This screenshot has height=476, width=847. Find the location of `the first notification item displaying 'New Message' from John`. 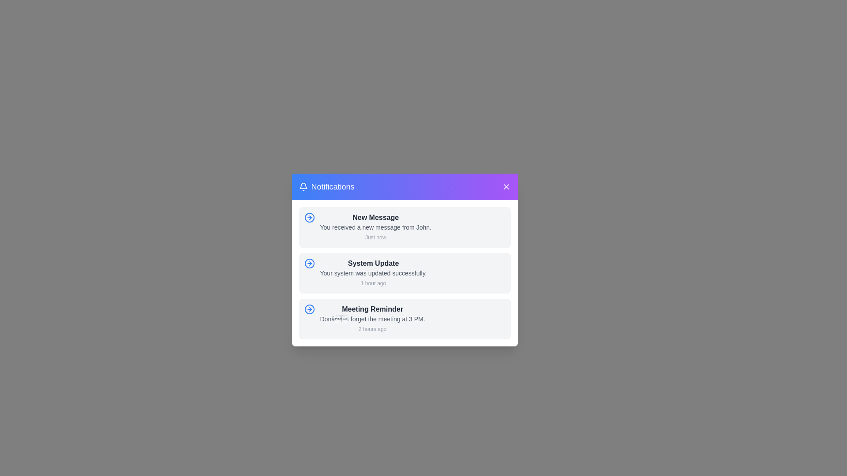

the first notification item displaying 'New Message' from John is located at coordinates (375, 227).